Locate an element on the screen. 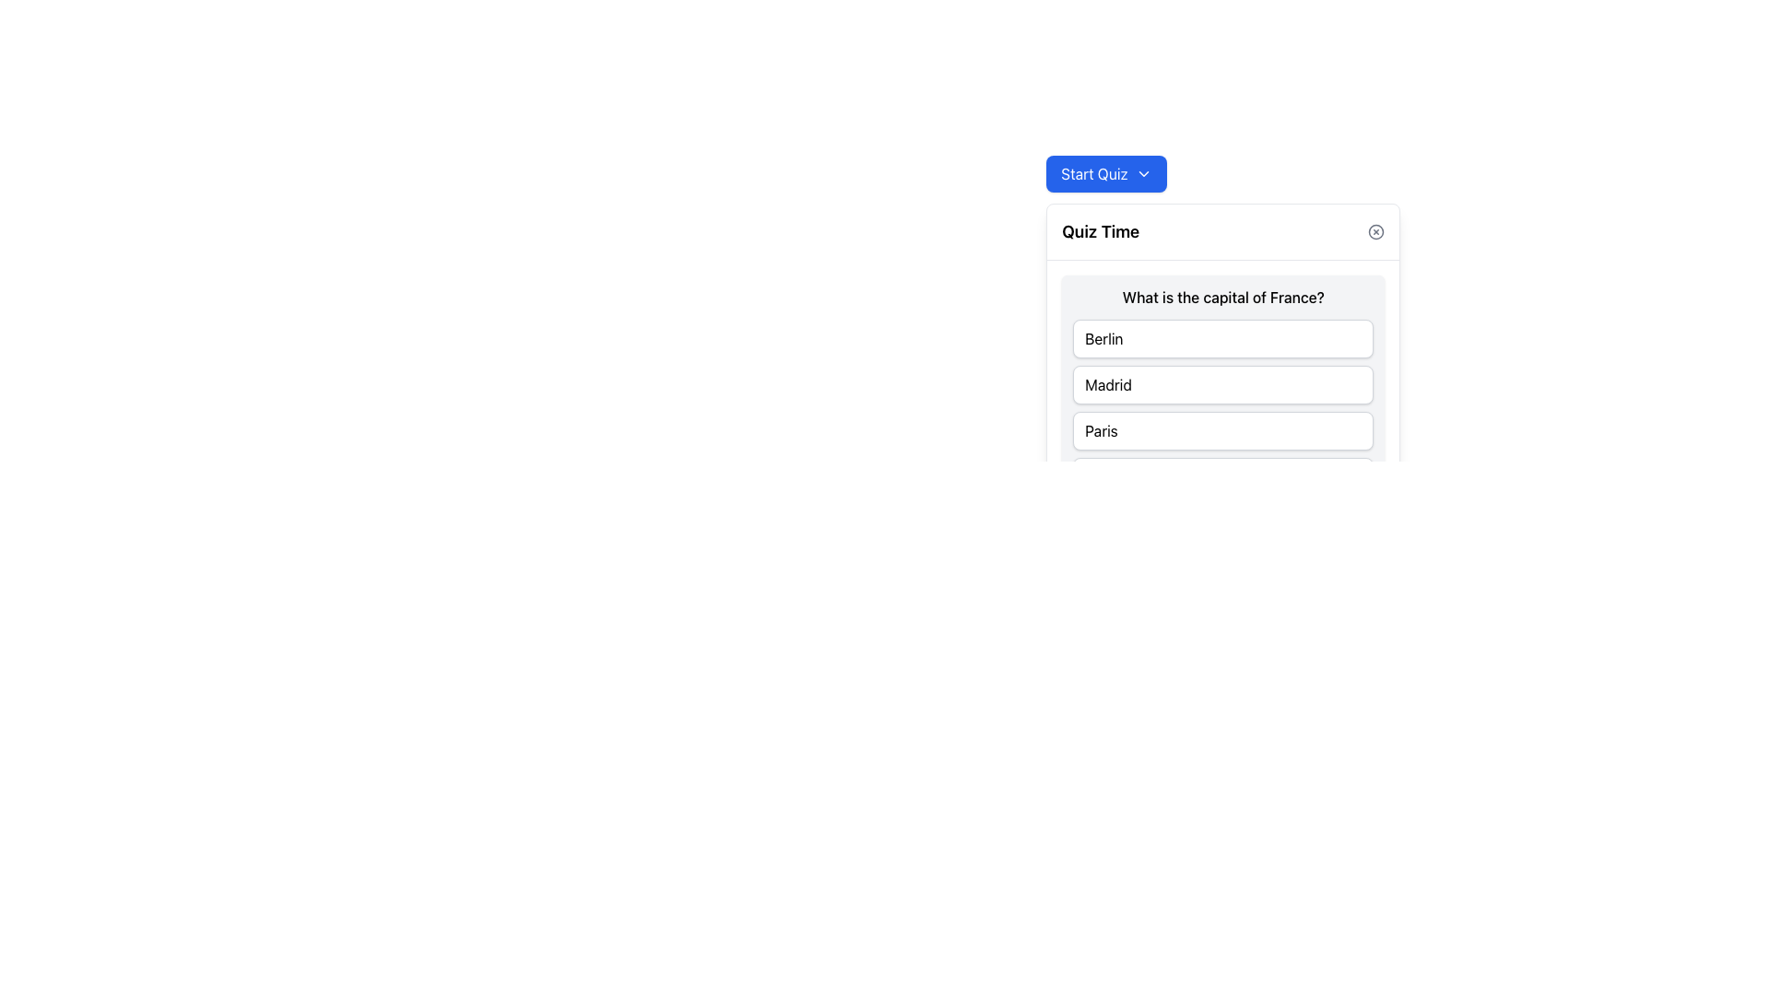 The image size is (1770, 995). the label that reads 'What is the capital of France?' which is located at the top of the card structure, just above the answer options is located at coordinates (1223, 297).